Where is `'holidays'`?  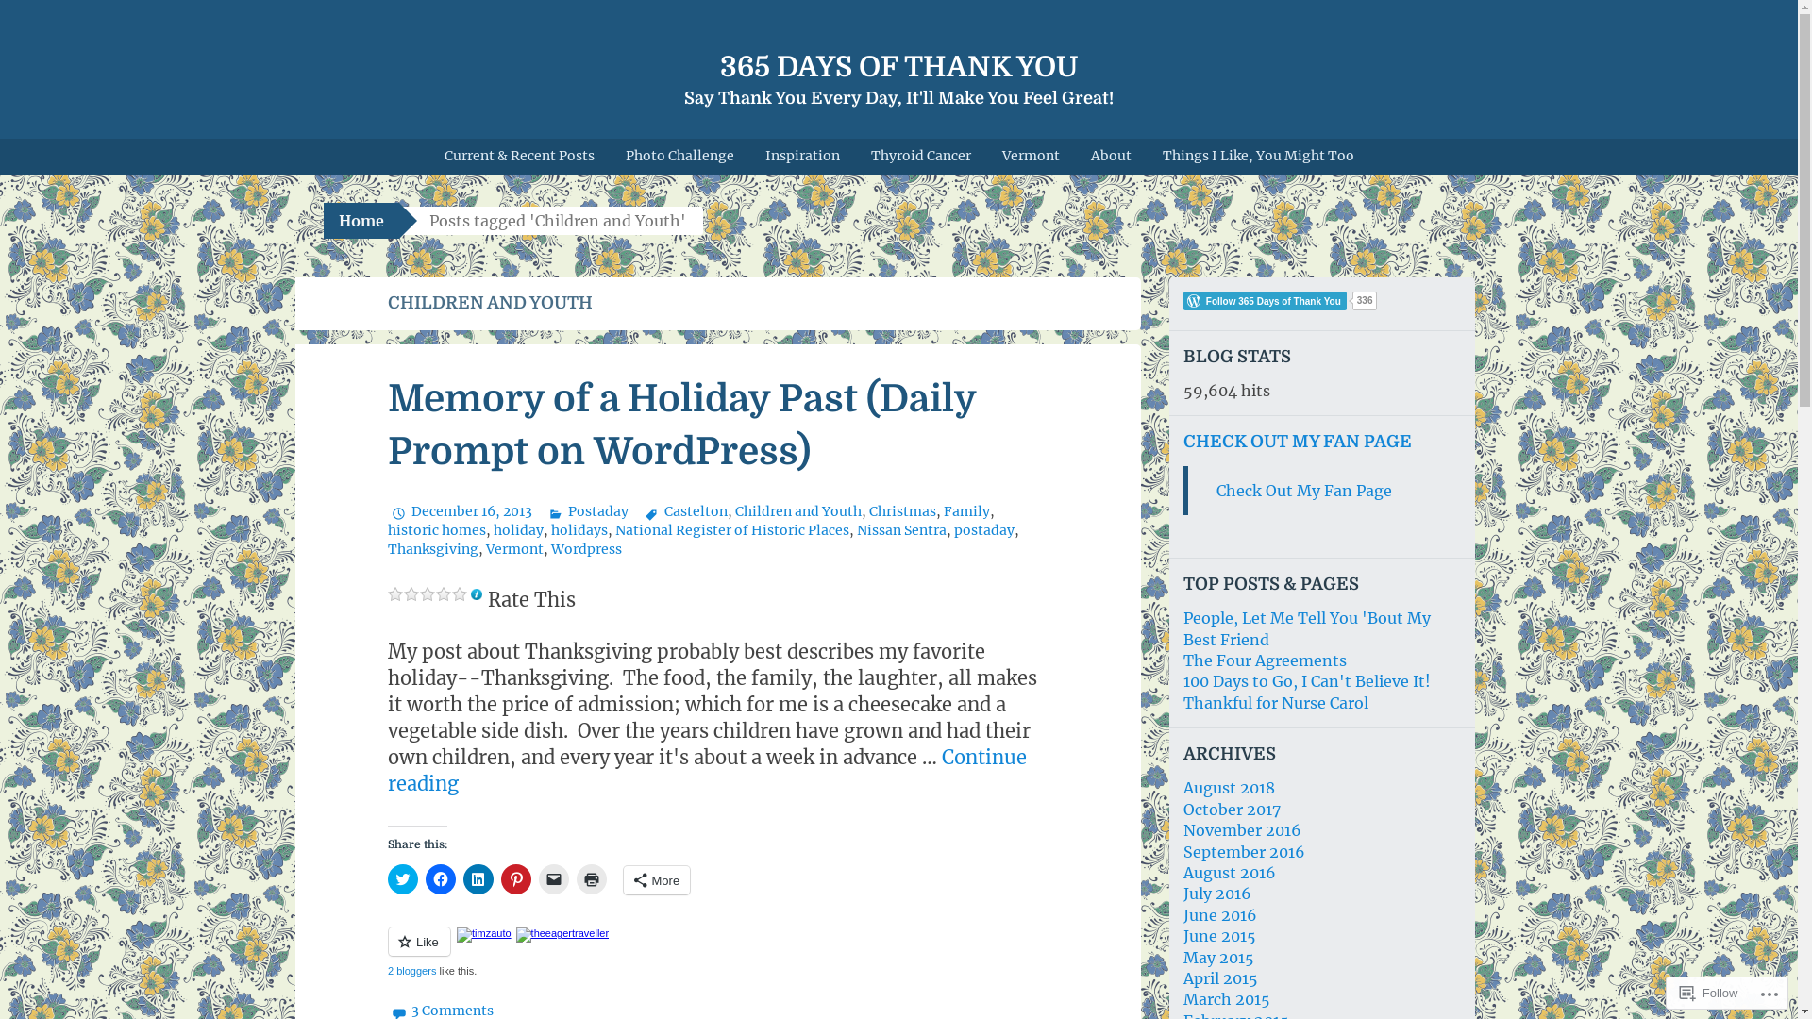 'holidays' is located at coordinates (550, 530).